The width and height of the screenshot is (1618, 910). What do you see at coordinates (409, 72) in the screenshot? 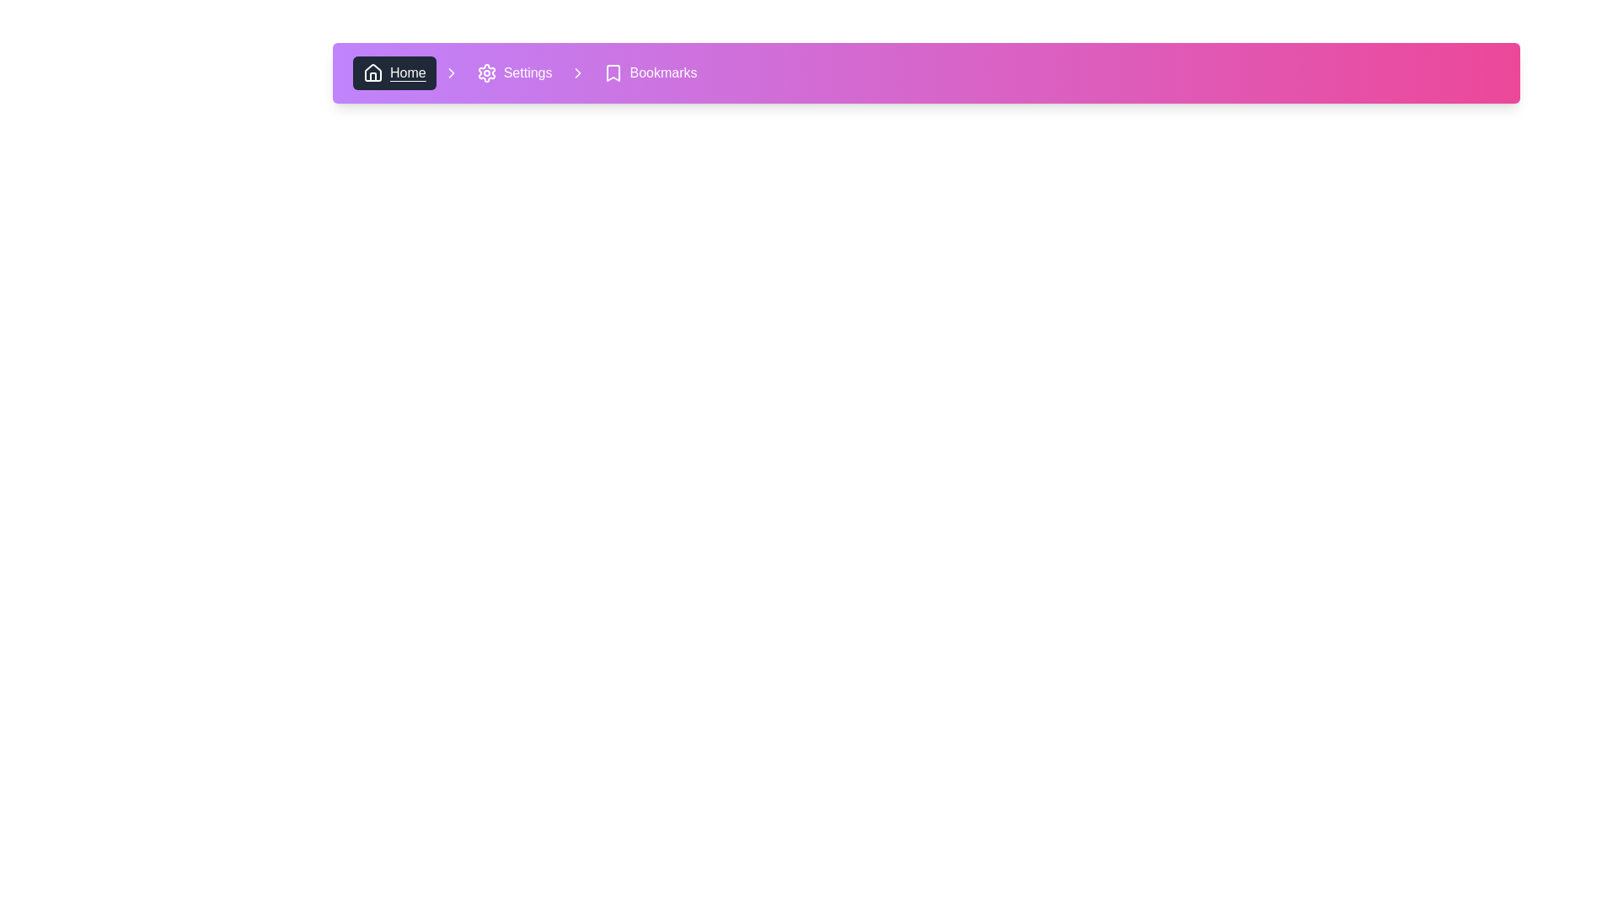
I see `the 'Home' button located on the far left of the navigation bar` at bounding box center [409, 72].